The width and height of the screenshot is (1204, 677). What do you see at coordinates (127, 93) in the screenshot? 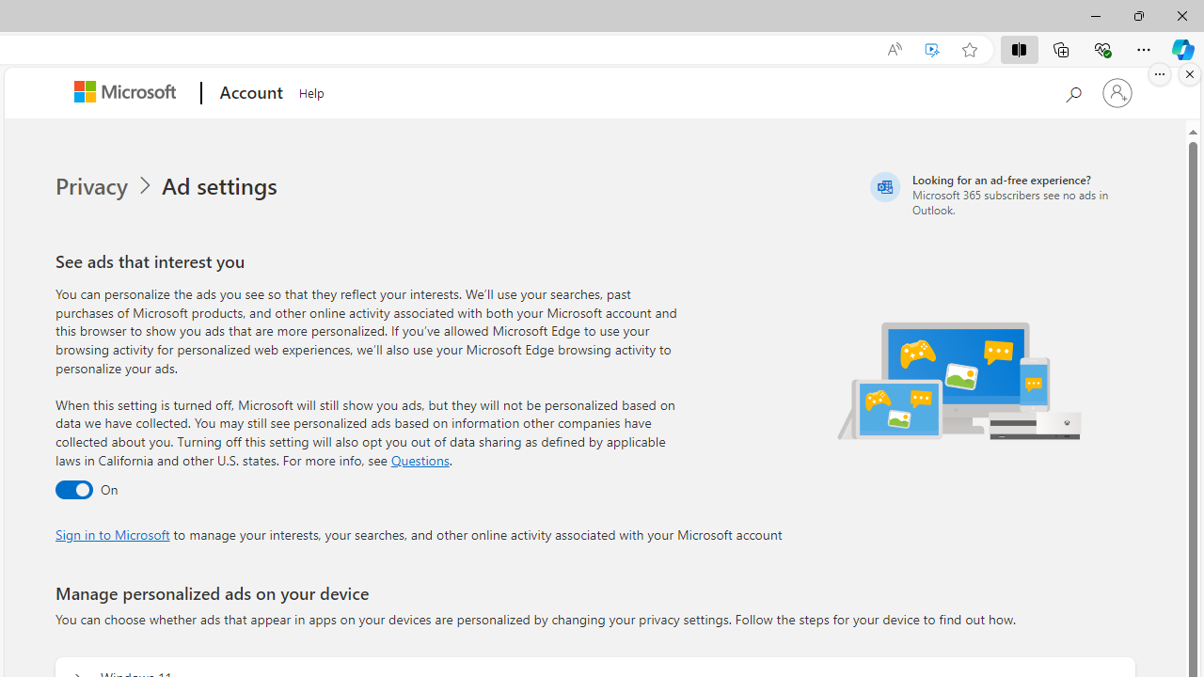
I see `'Microsoft'` at bounding box center [127, 93].